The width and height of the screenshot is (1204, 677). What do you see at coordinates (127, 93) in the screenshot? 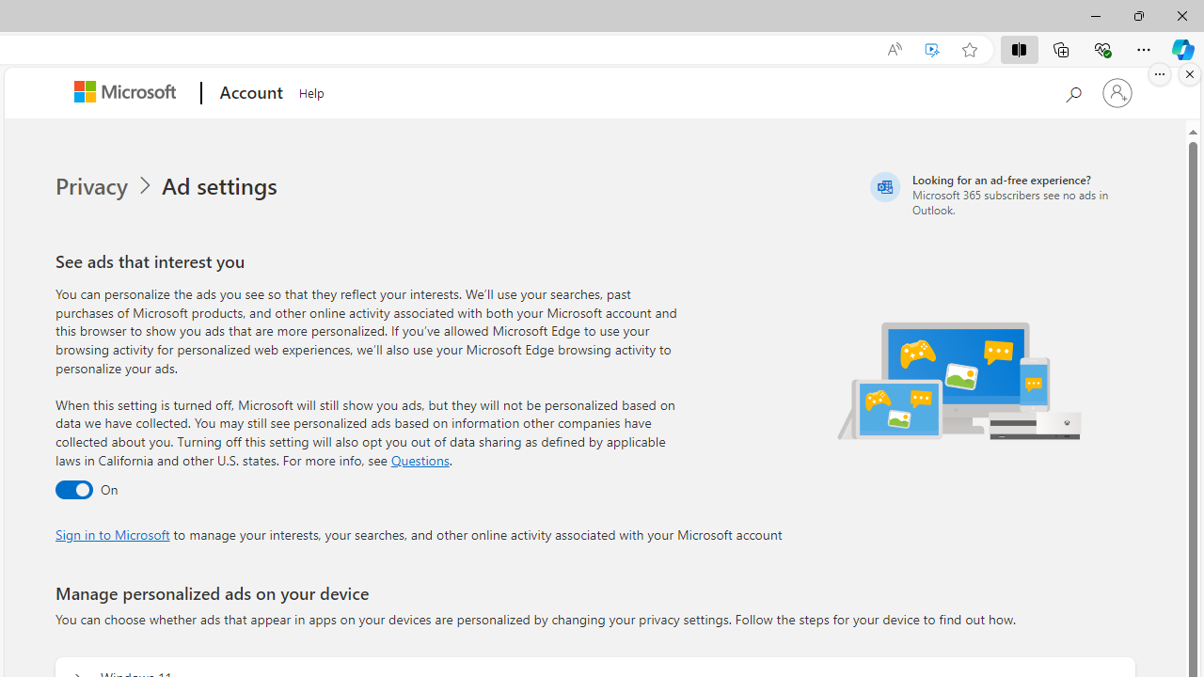
I see `'Microsoft'` at bounding box center [127, 93].